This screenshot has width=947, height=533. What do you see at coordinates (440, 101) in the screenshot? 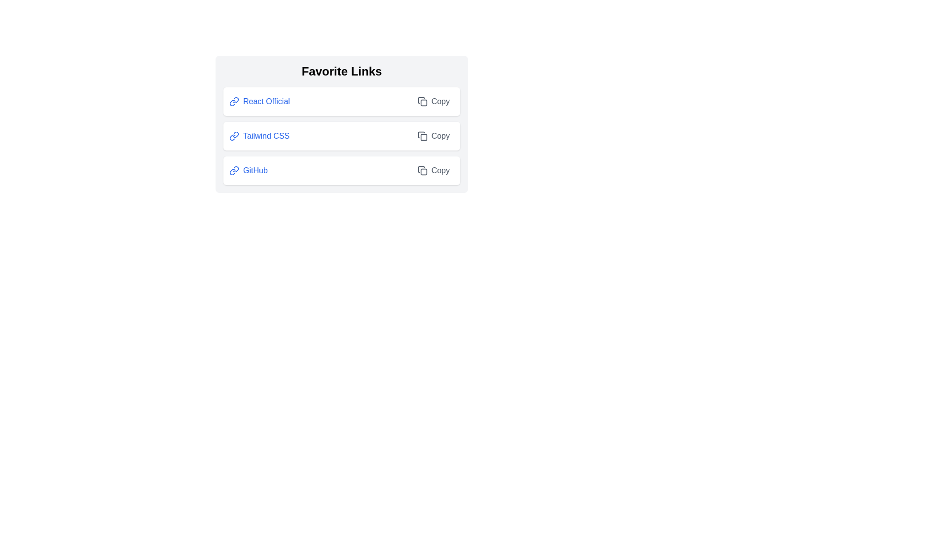
I see `the 'Copy' text label, which indicates the action of copying and is located to the right of an icon with two overlapping squares, part of the first entry under 'Favorite Links'` at bounding box center [440, 101].